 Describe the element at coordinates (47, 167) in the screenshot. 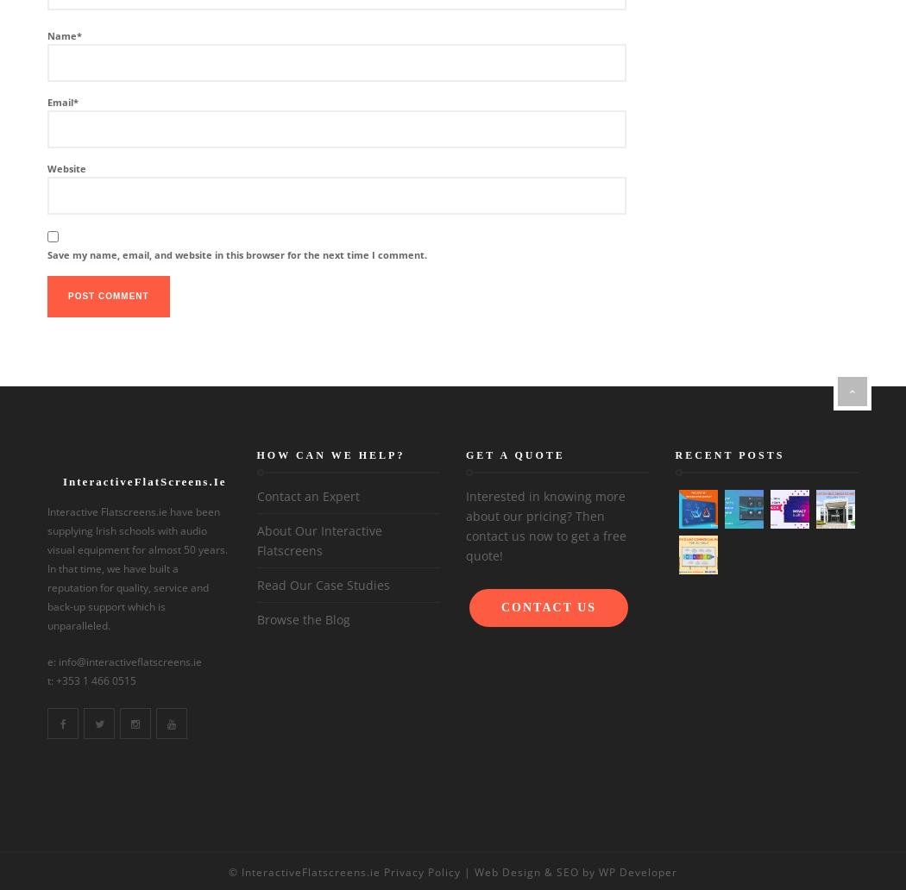

I see `'Website'` at that location.